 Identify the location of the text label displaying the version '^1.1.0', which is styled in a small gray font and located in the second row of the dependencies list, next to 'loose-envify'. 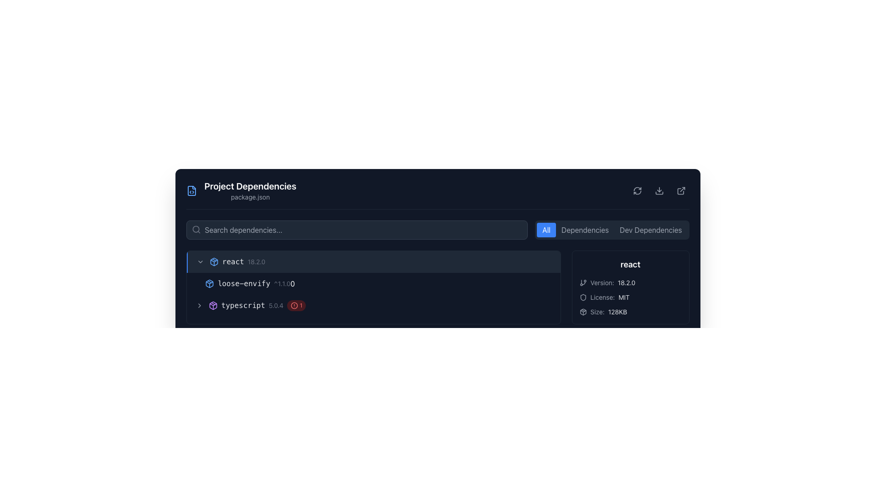
(282, 283).